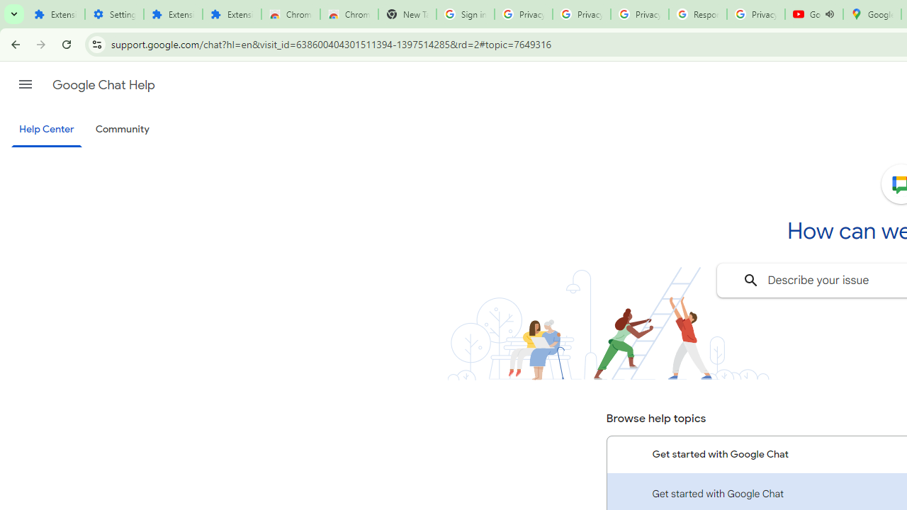  What do you see at coordinates (465, 14) in the screenshot?
I see `'Sign in - Google Accounts'` at bounding box center [465, 14].